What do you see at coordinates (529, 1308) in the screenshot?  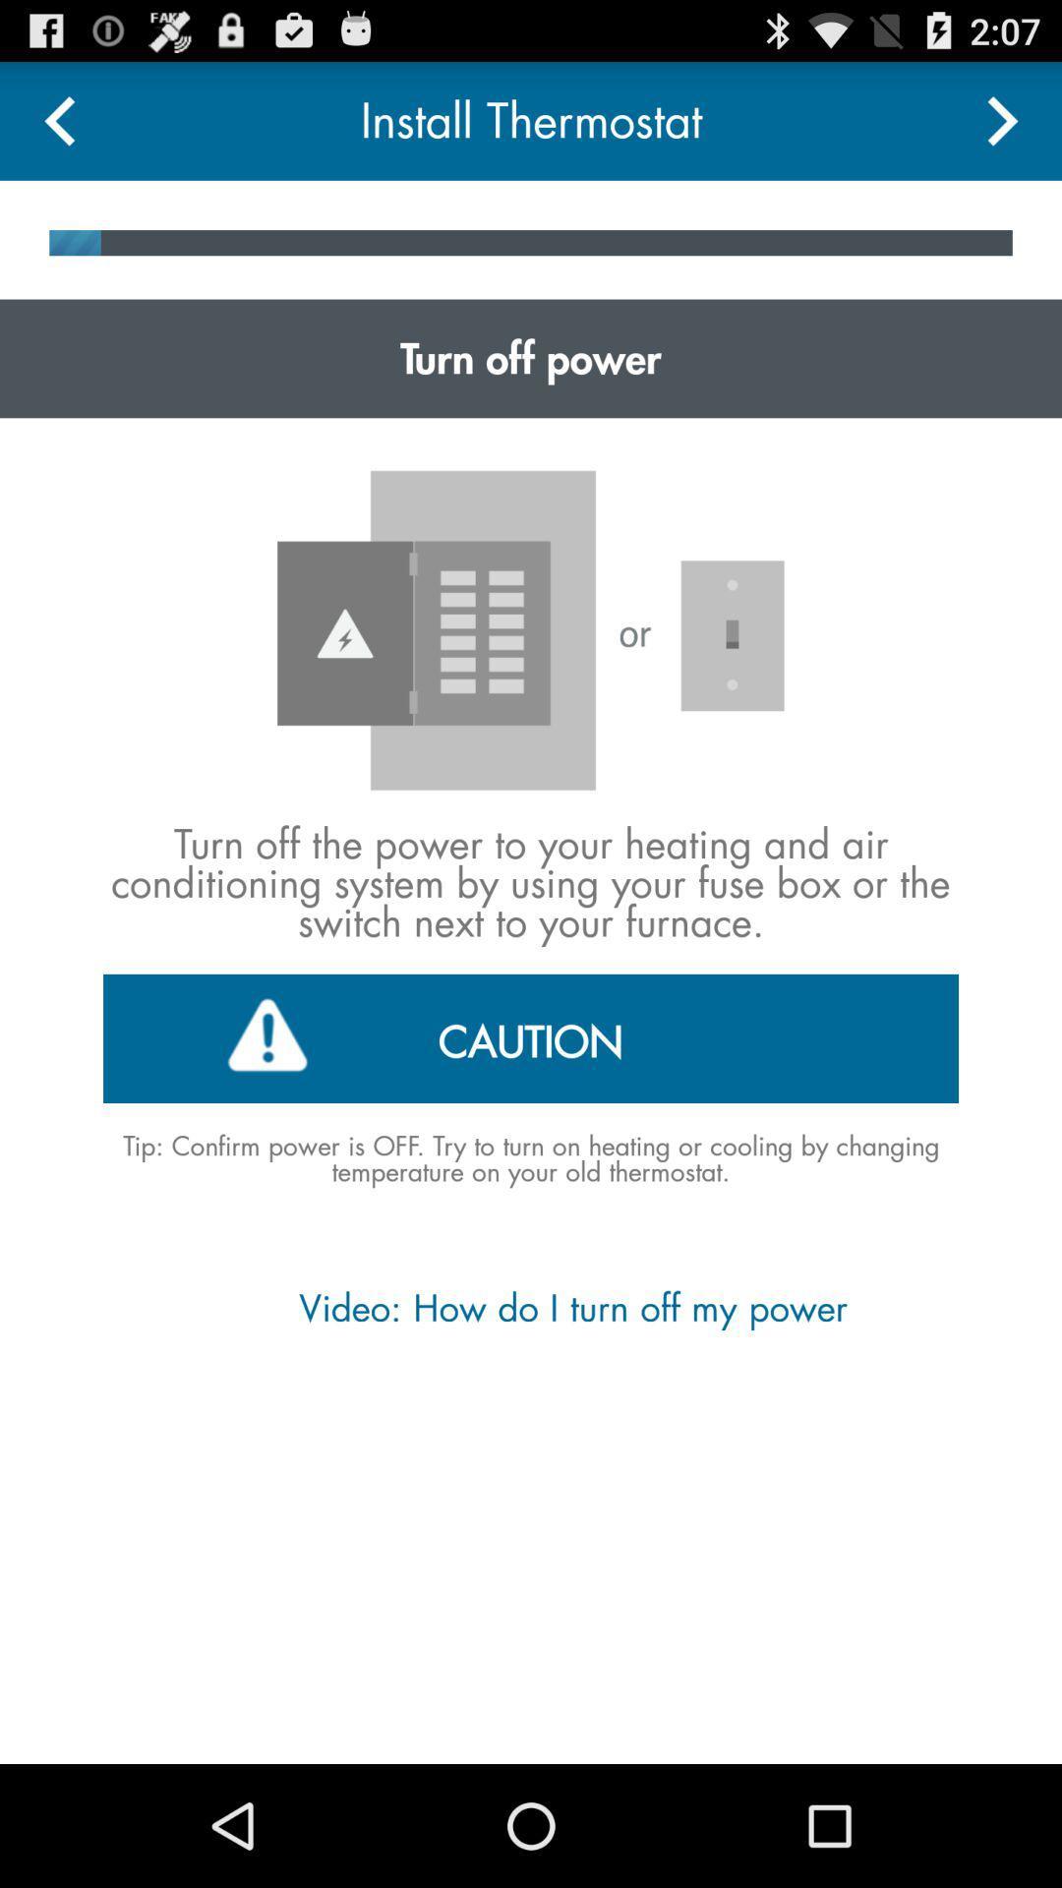 I see `the video how do app` at bounding box center [529, 1308].